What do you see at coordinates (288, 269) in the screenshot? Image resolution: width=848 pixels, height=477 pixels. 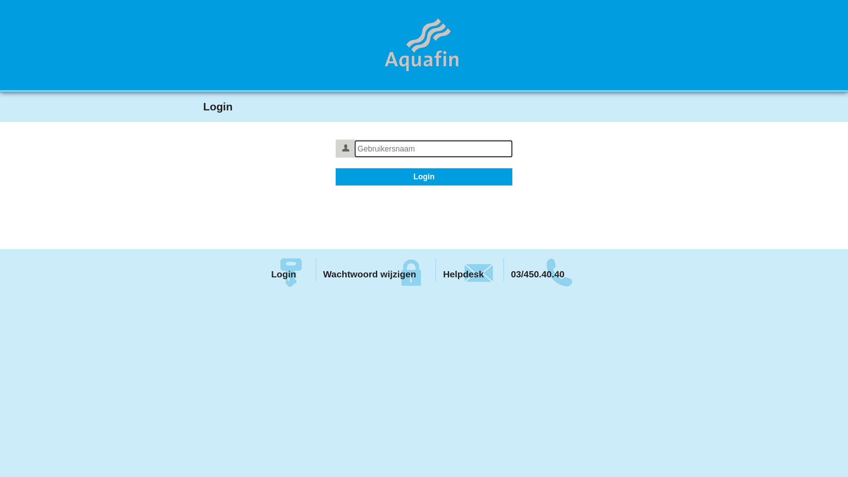 I see `'Login'` at bounding box center [288, 269].